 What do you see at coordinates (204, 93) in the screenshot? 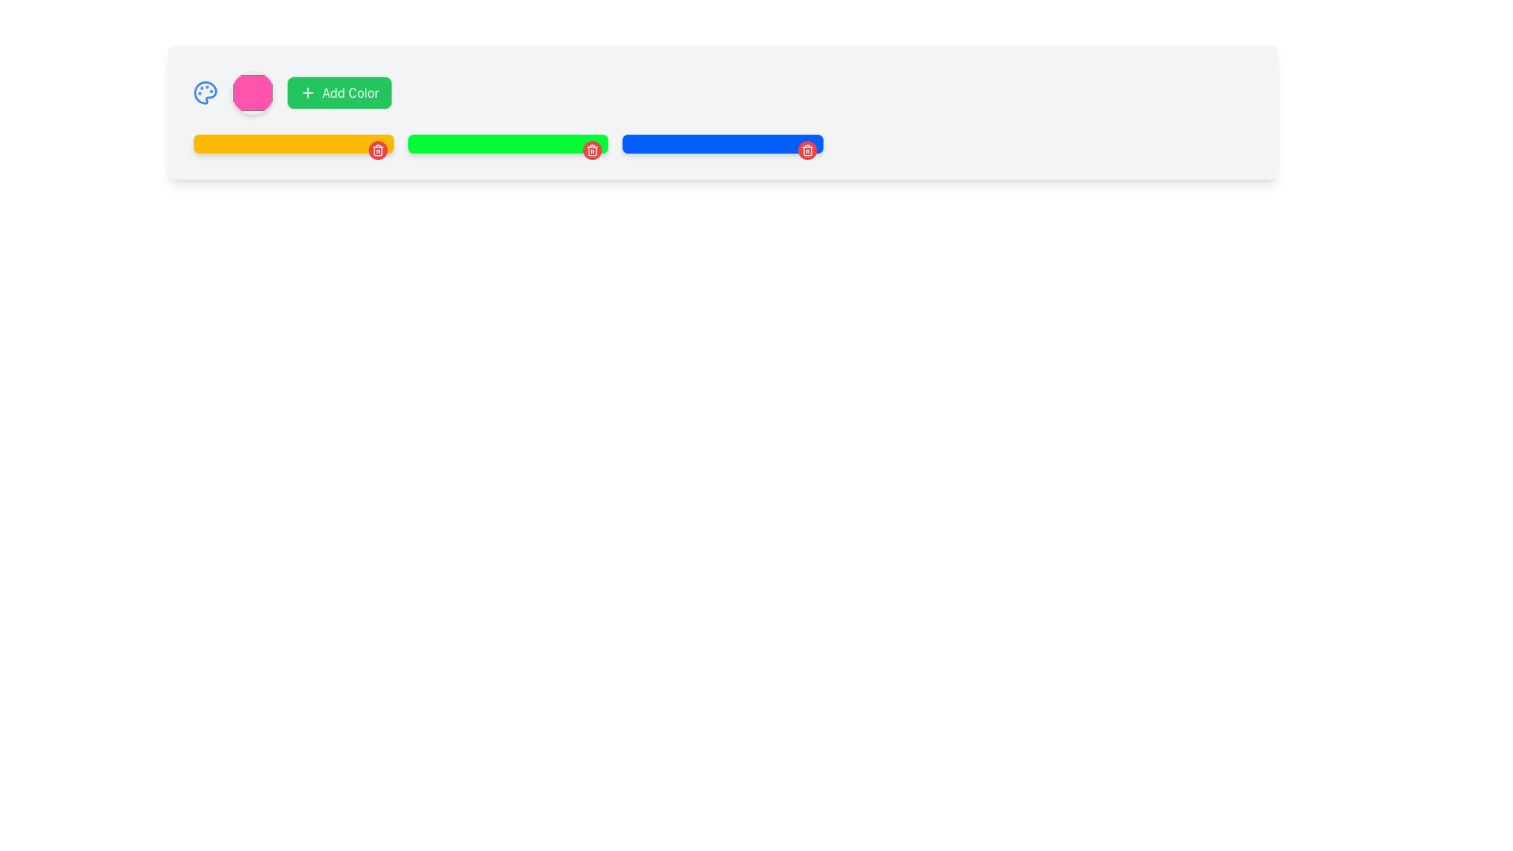
I see `the palette icon located at the leftmost side of the horizontal bar in the header area, which represents settings or options related to color or themes` at bounding box center [204, 93].